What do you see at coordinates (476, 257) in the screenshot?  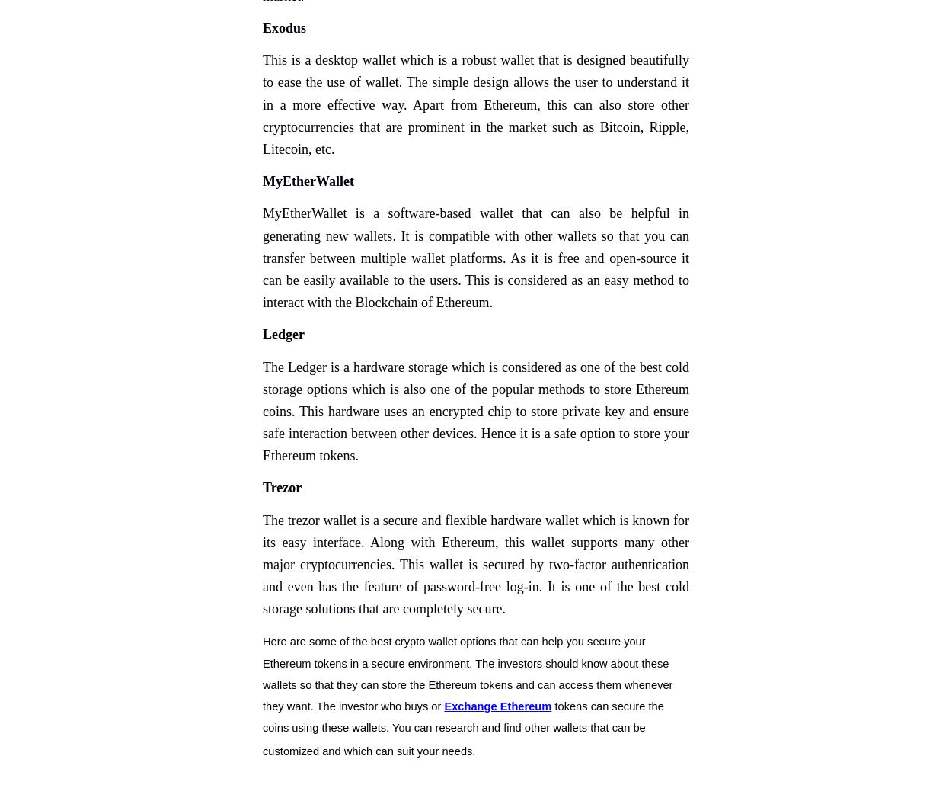 I see `'MyEtherWallet is a software-based wallet that can also be helpful in generating new wallets. It is compatible with other wallets so that you can transfer between multiple wallet platforms. As it is free and open-source it can be easily available to the users. This is considered as an easy method to interact with the Blockchain of Ethereum.'` at bounding box center [476, 257].